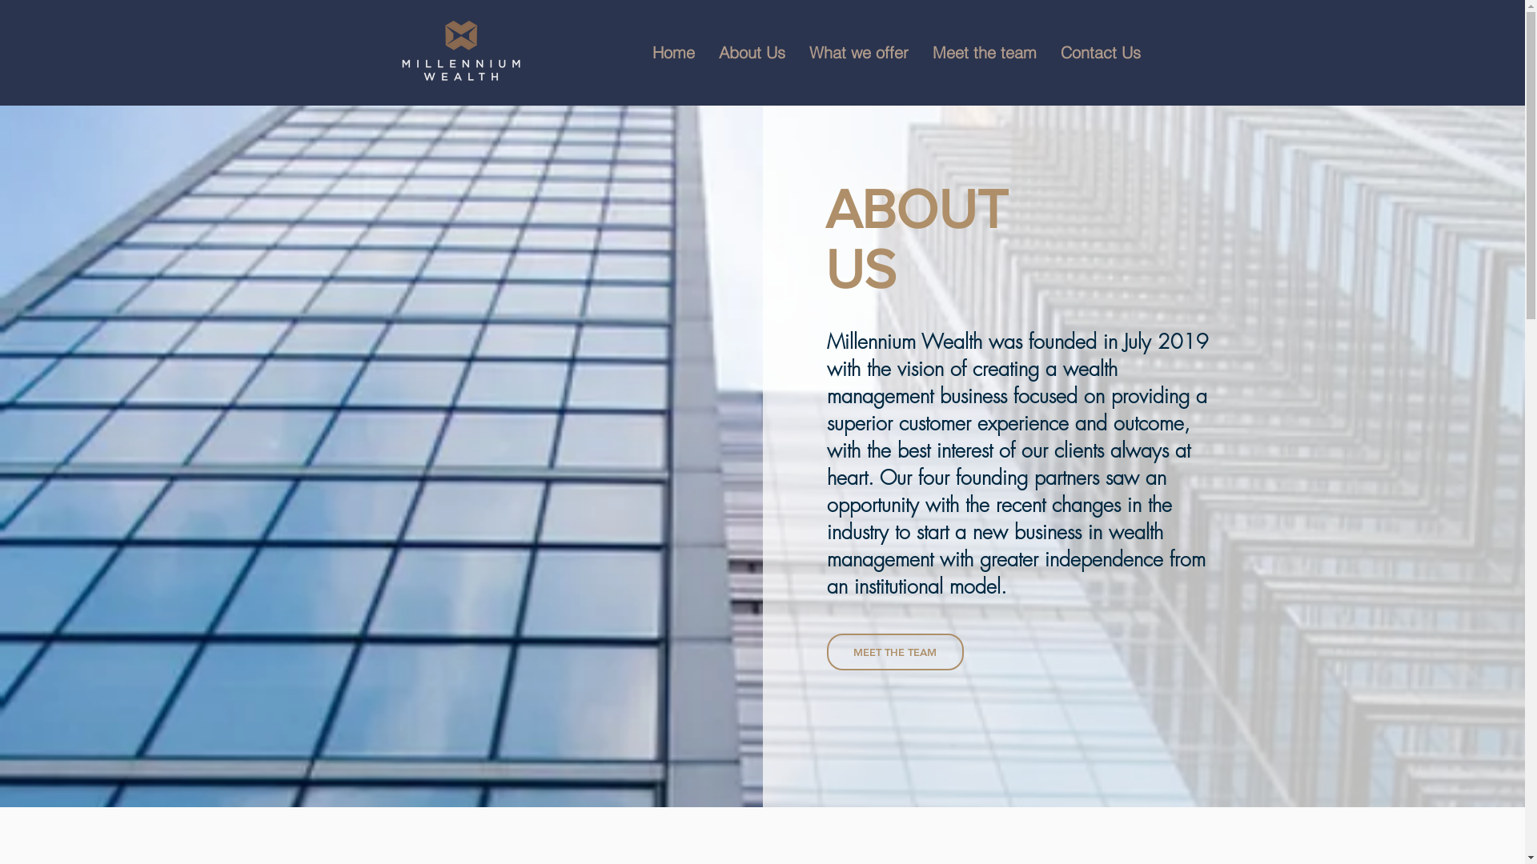  I want to click on 'What we offer', so click(858, 51).